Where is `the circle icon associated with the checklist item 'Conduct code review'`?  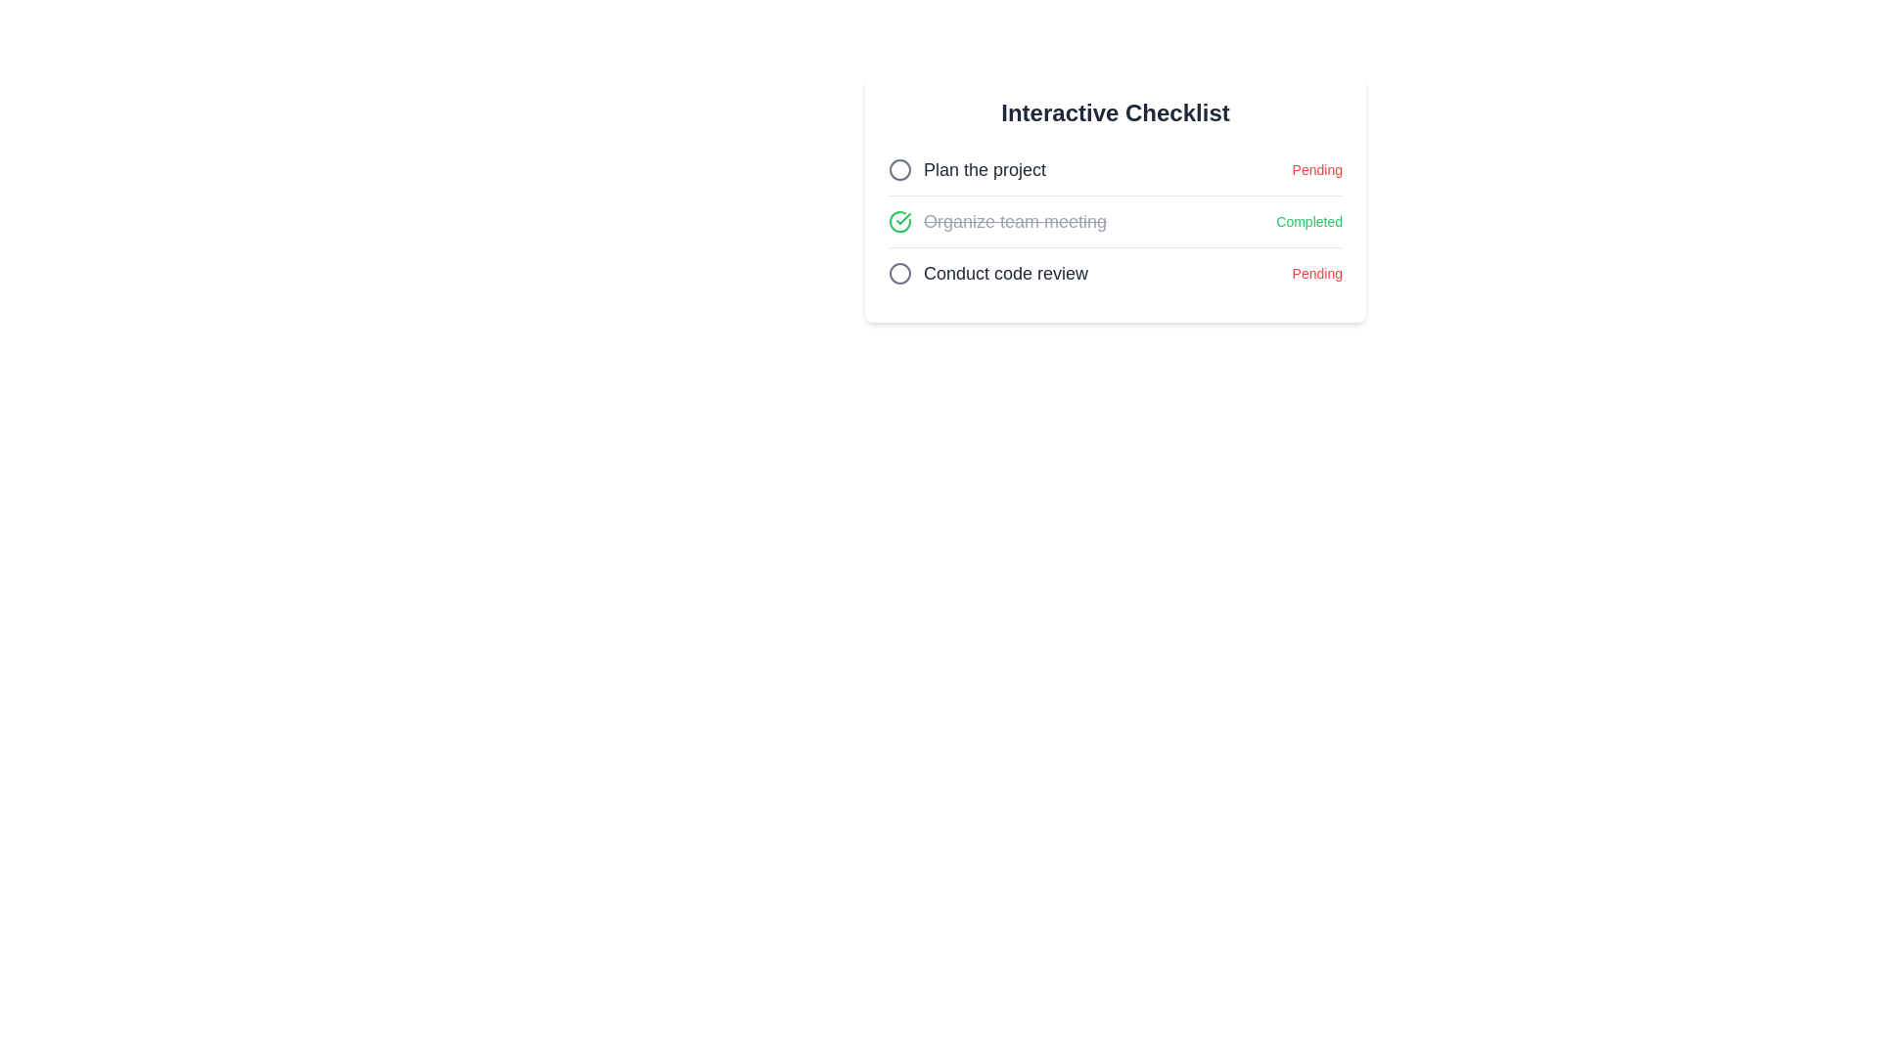
the circle icon associated with the checklist item 'Conduct code review' is located at coordinates (899, 274).